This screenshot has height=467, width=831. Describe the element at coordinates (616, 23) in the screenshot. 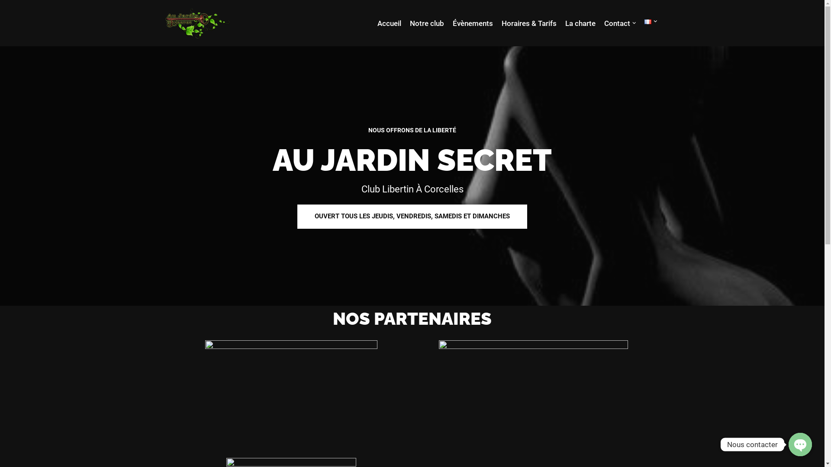

I see `'Contact'` at that location.